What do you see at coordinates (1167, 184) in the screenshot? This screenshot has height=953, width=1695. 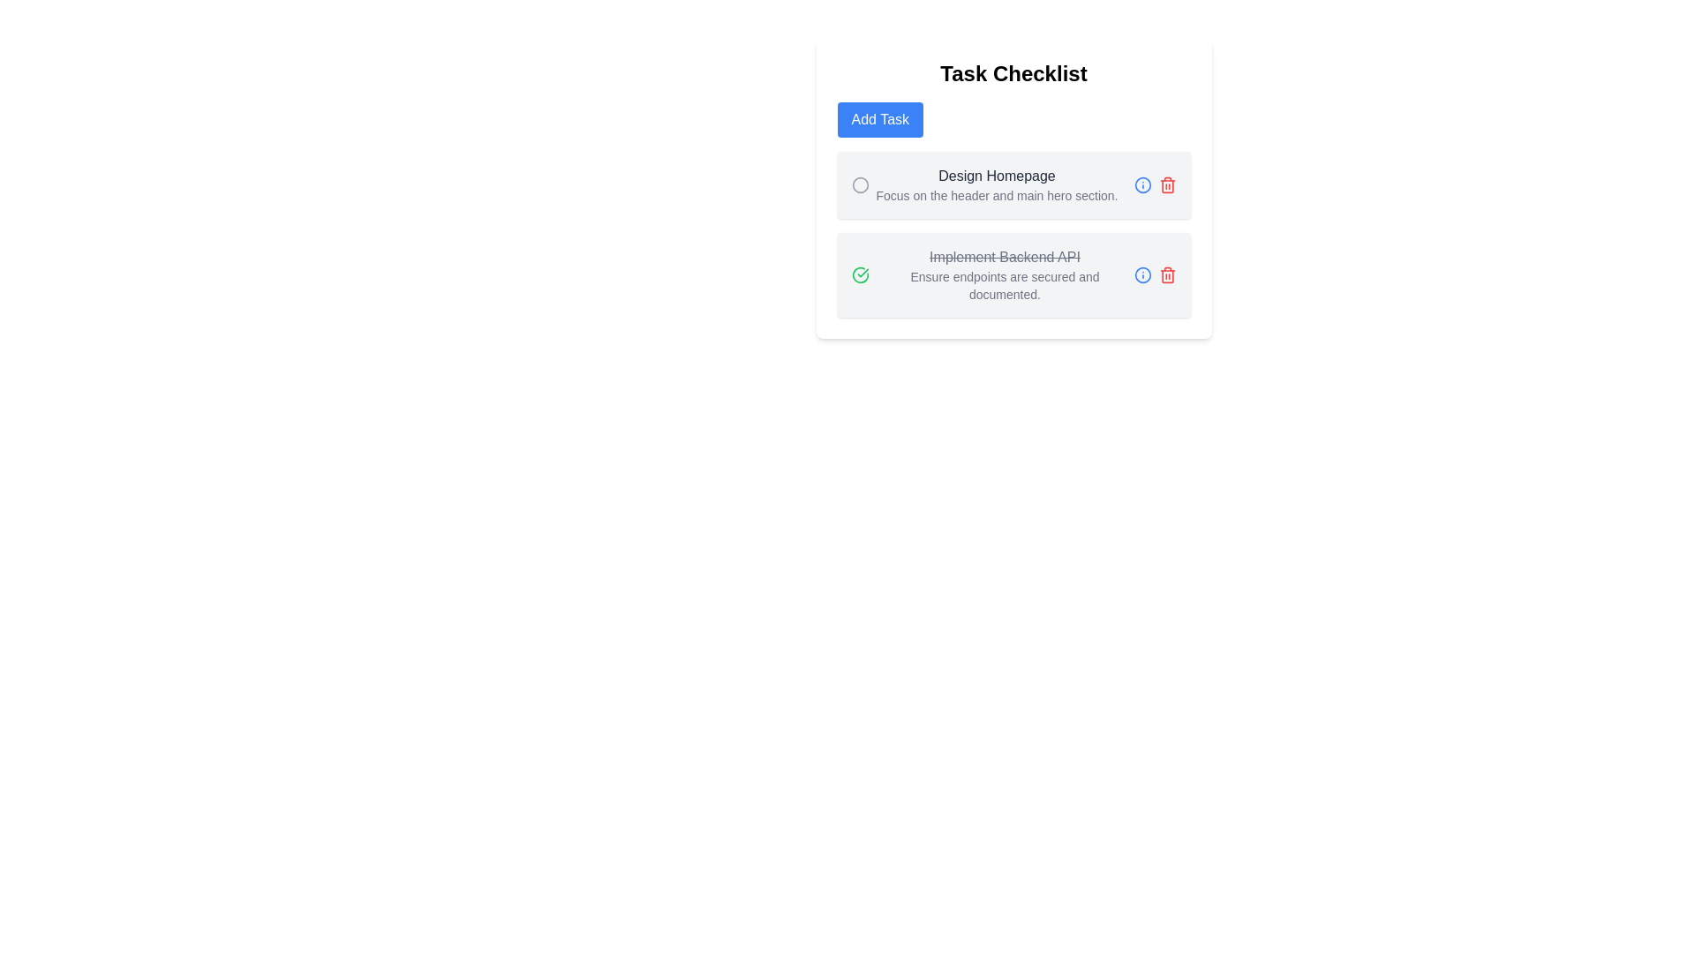 I see `the delete icon button located on the right-hand side of the 'Design Homepage' task in the Task Checklist` at bounding box center [1167, 184].